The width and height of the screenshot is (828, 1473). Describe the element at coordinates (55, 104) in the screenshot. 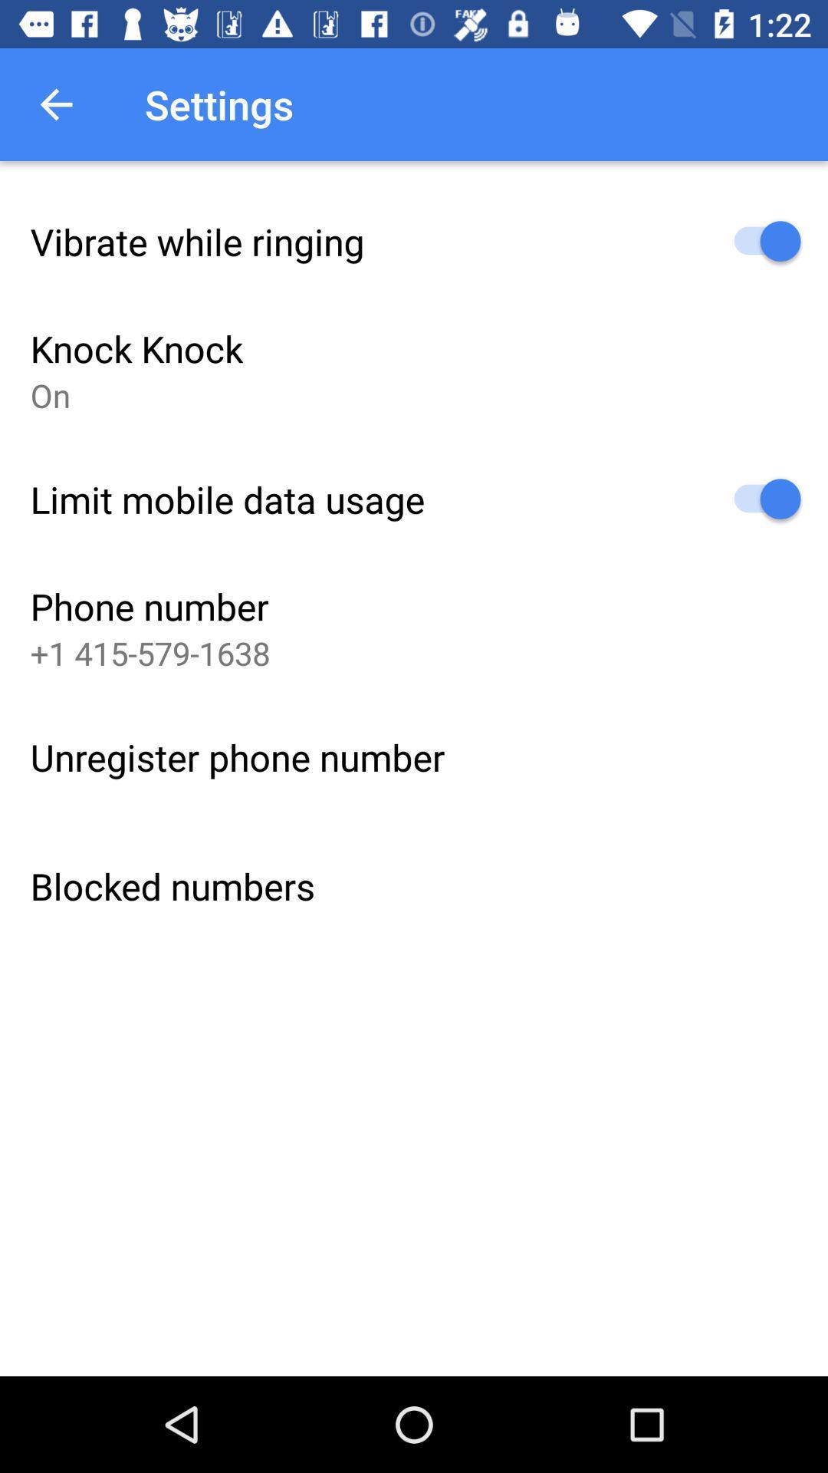

I see `icon next to the settings` at that location.